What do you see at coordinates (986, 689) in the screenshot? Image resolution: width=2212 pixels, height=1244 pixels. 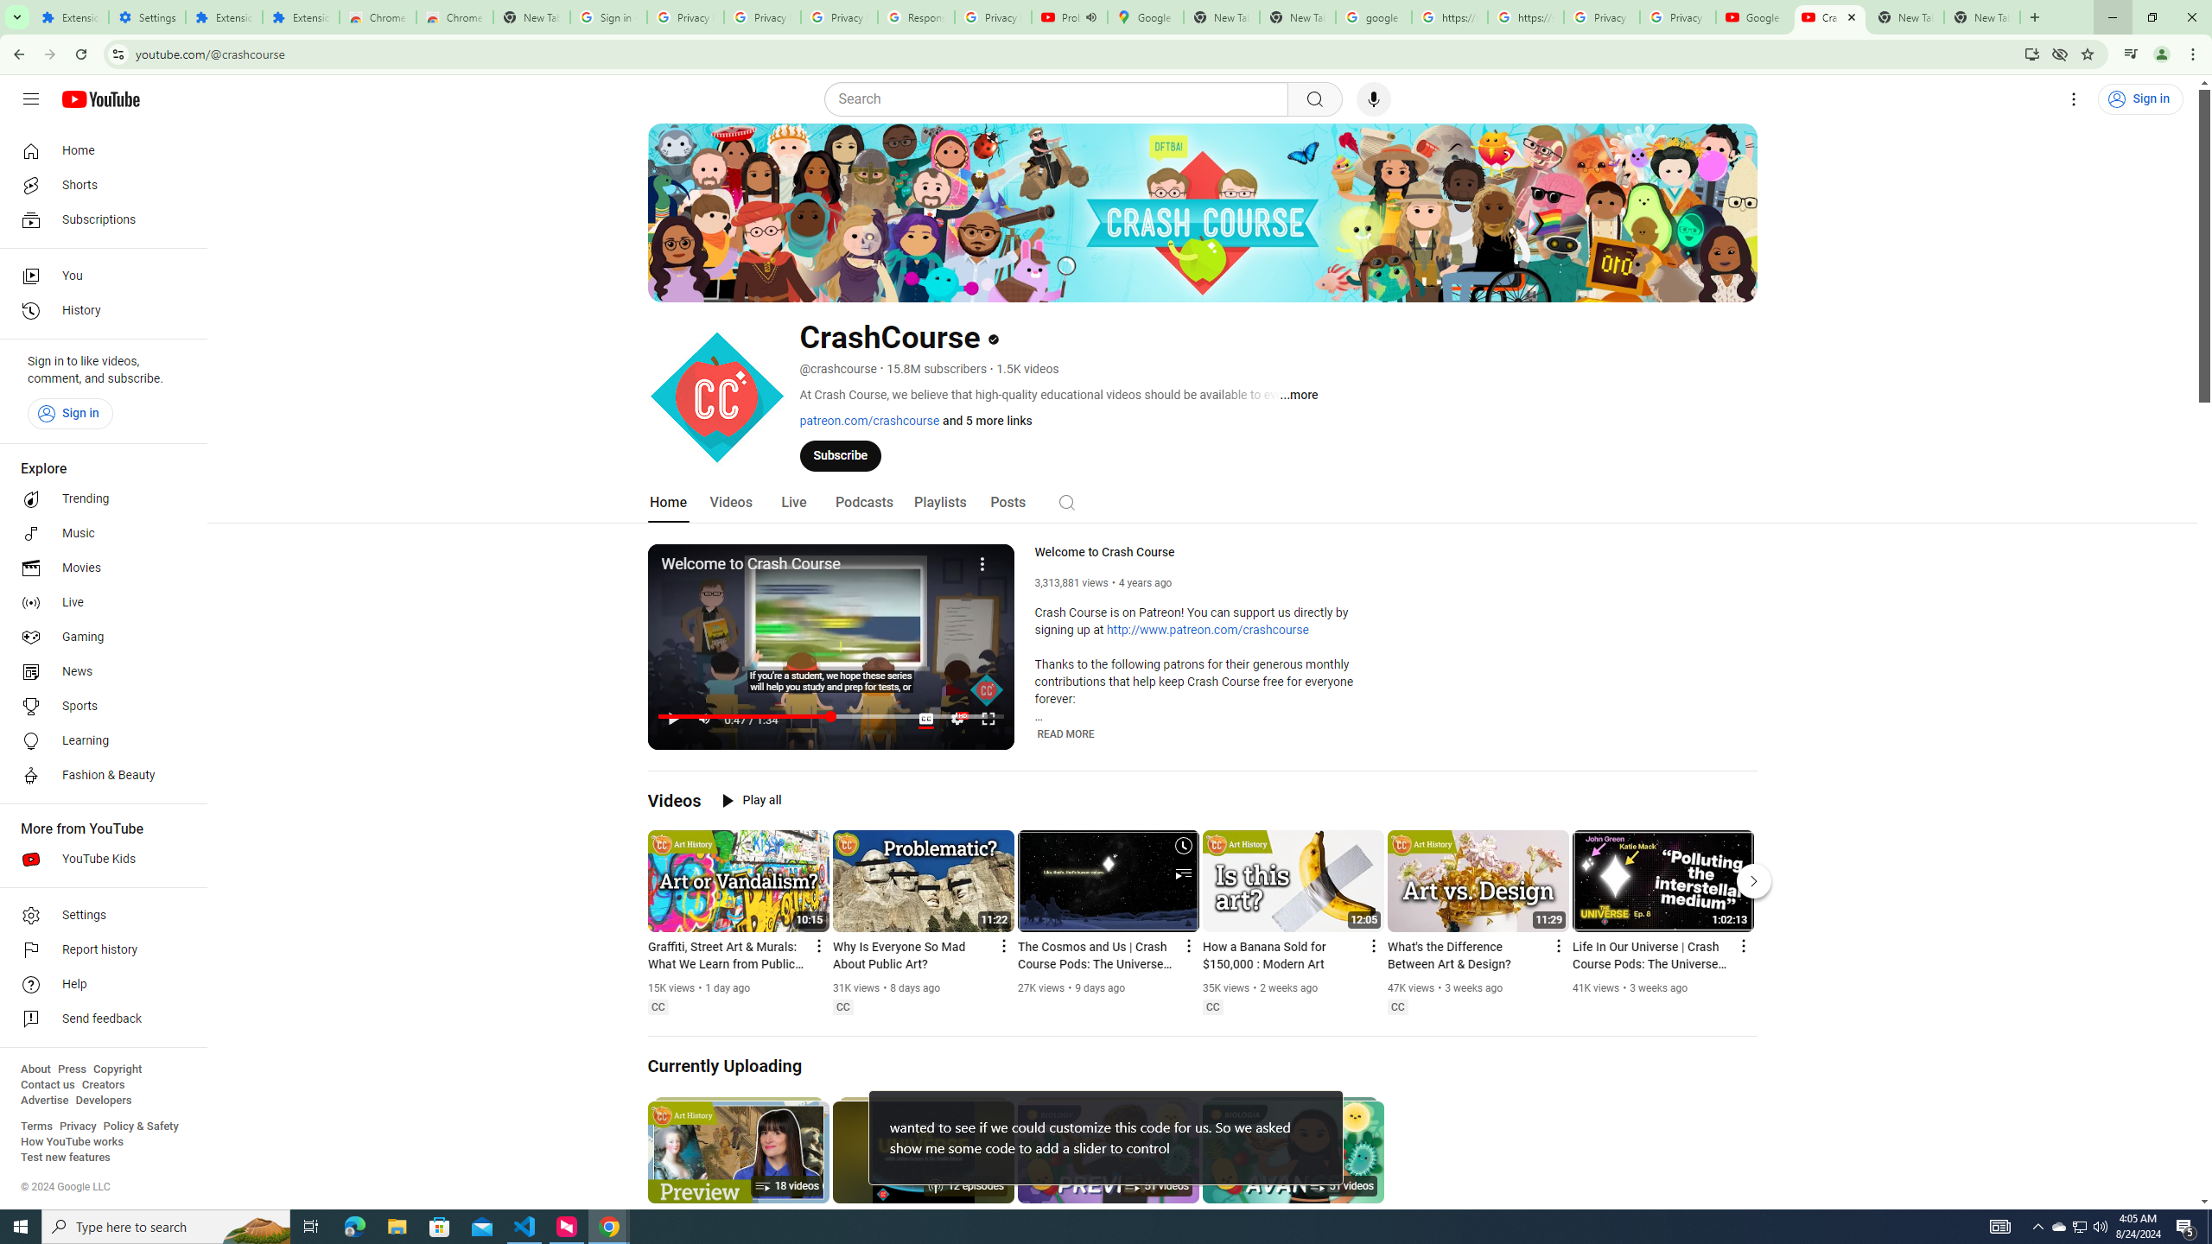 I see `'Channel watermark'` at bounding box center [986, 689].